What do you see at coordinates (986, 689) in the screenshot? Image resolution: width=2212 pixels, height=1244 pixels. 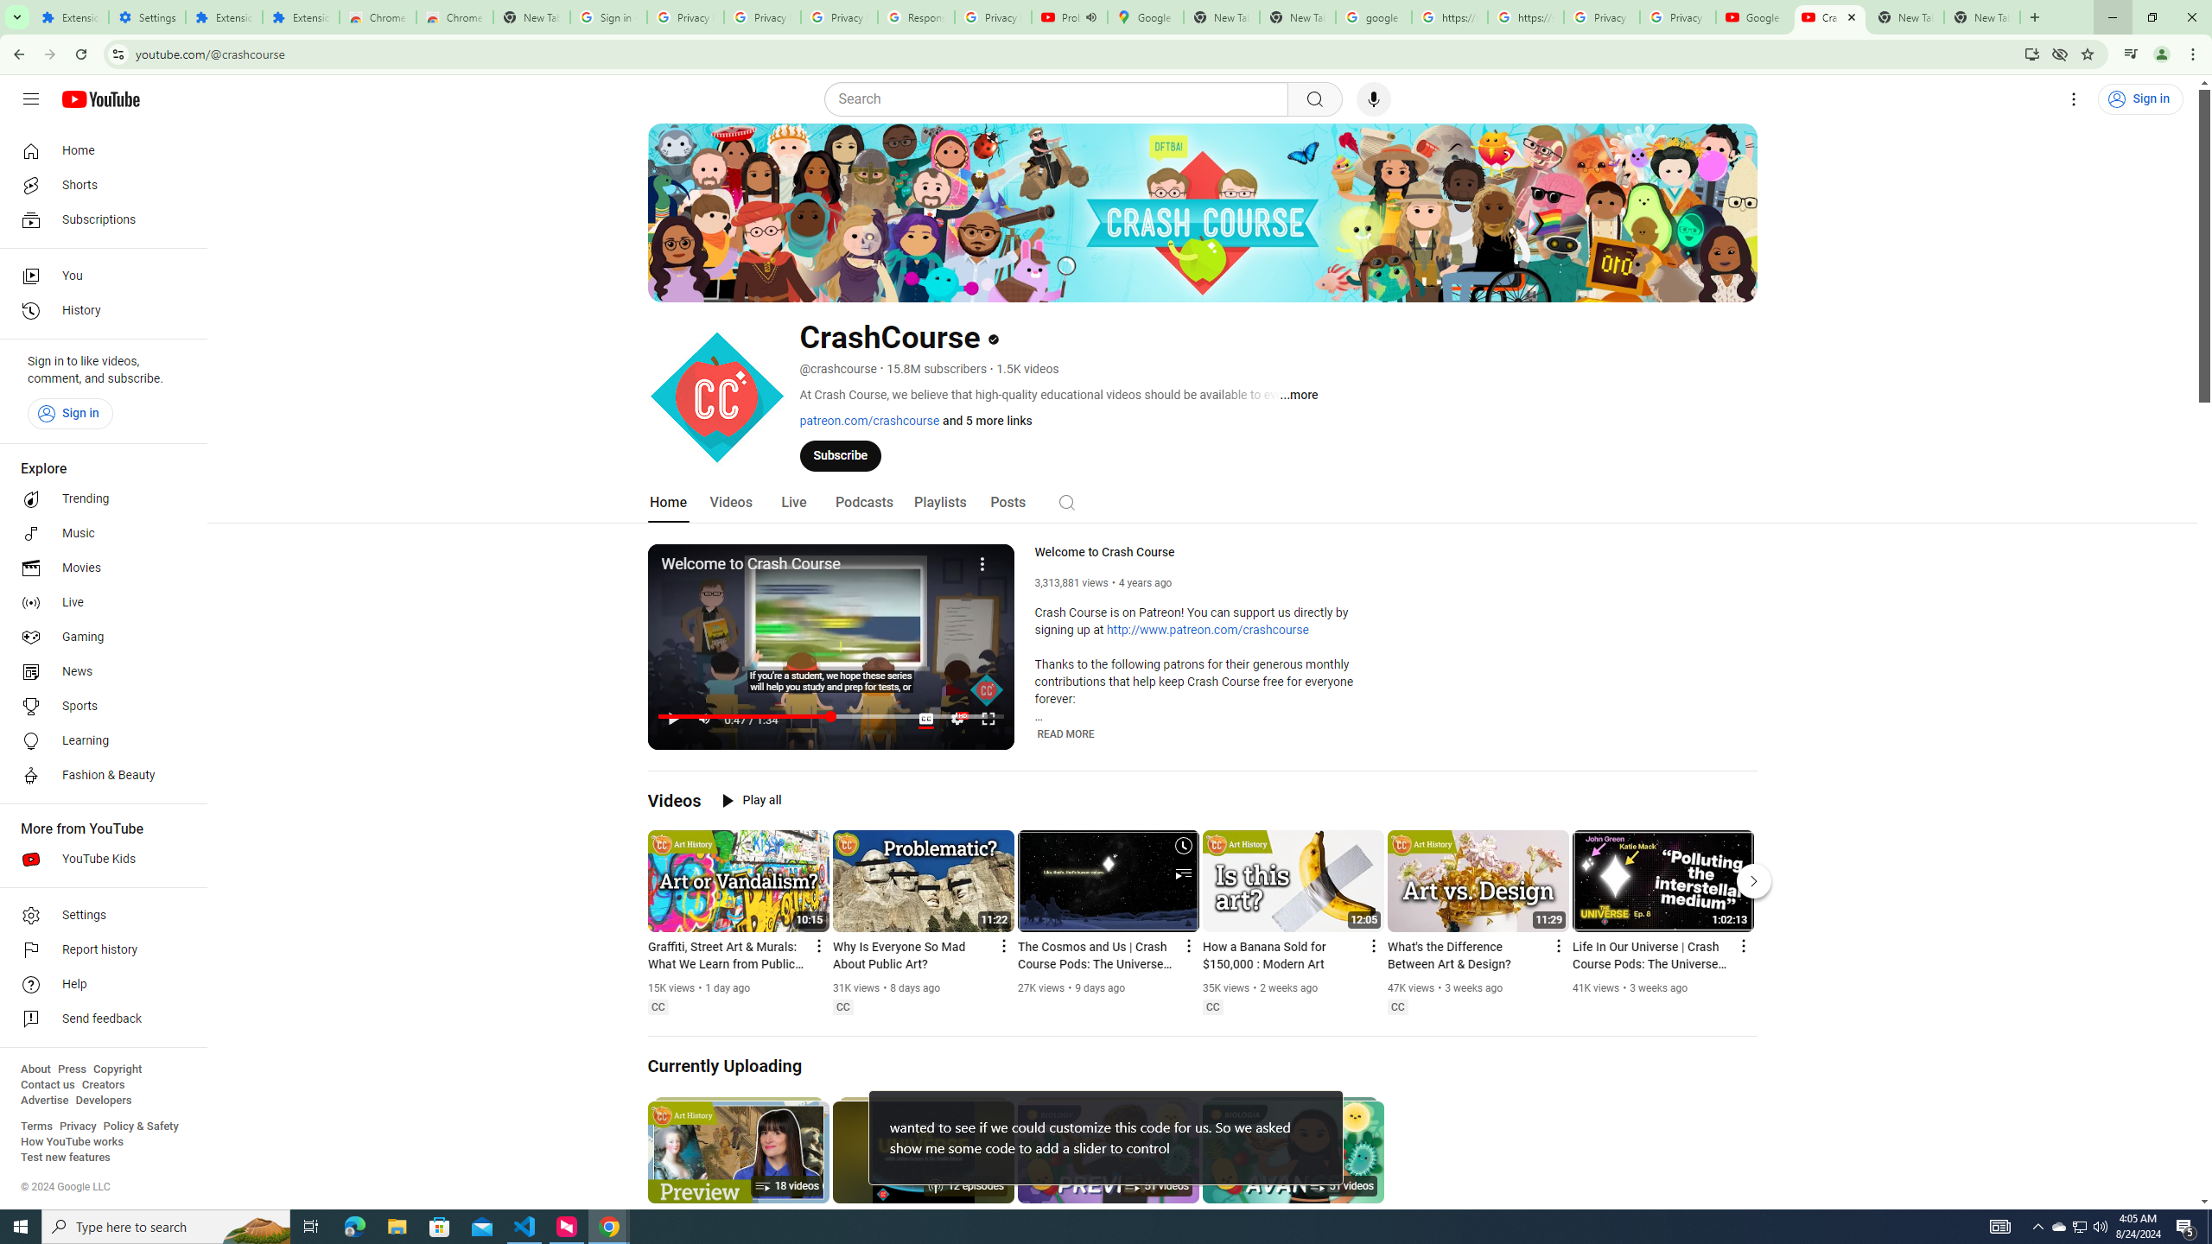 I see `'Channel watermark'` at bounding box center [986, 689].